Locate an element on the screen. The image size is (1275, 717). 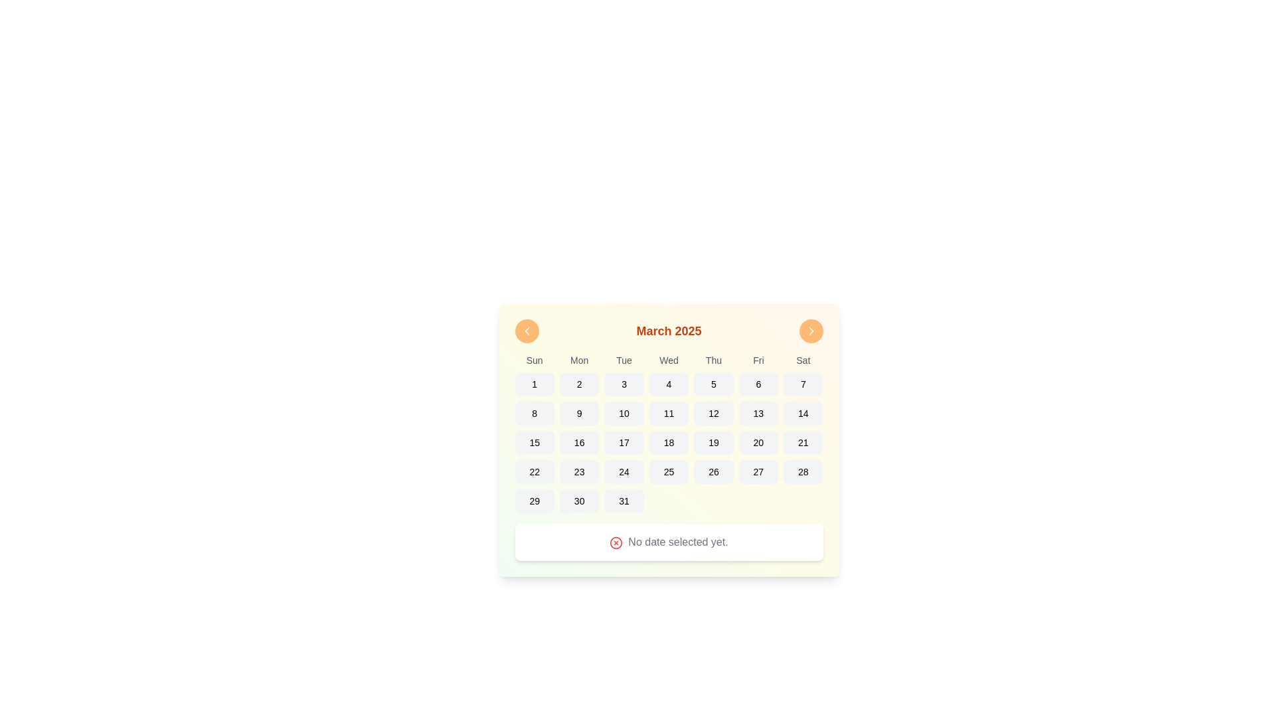
the selectable day button representing 'March 30, 2025' is located at coordinates (579, 501).